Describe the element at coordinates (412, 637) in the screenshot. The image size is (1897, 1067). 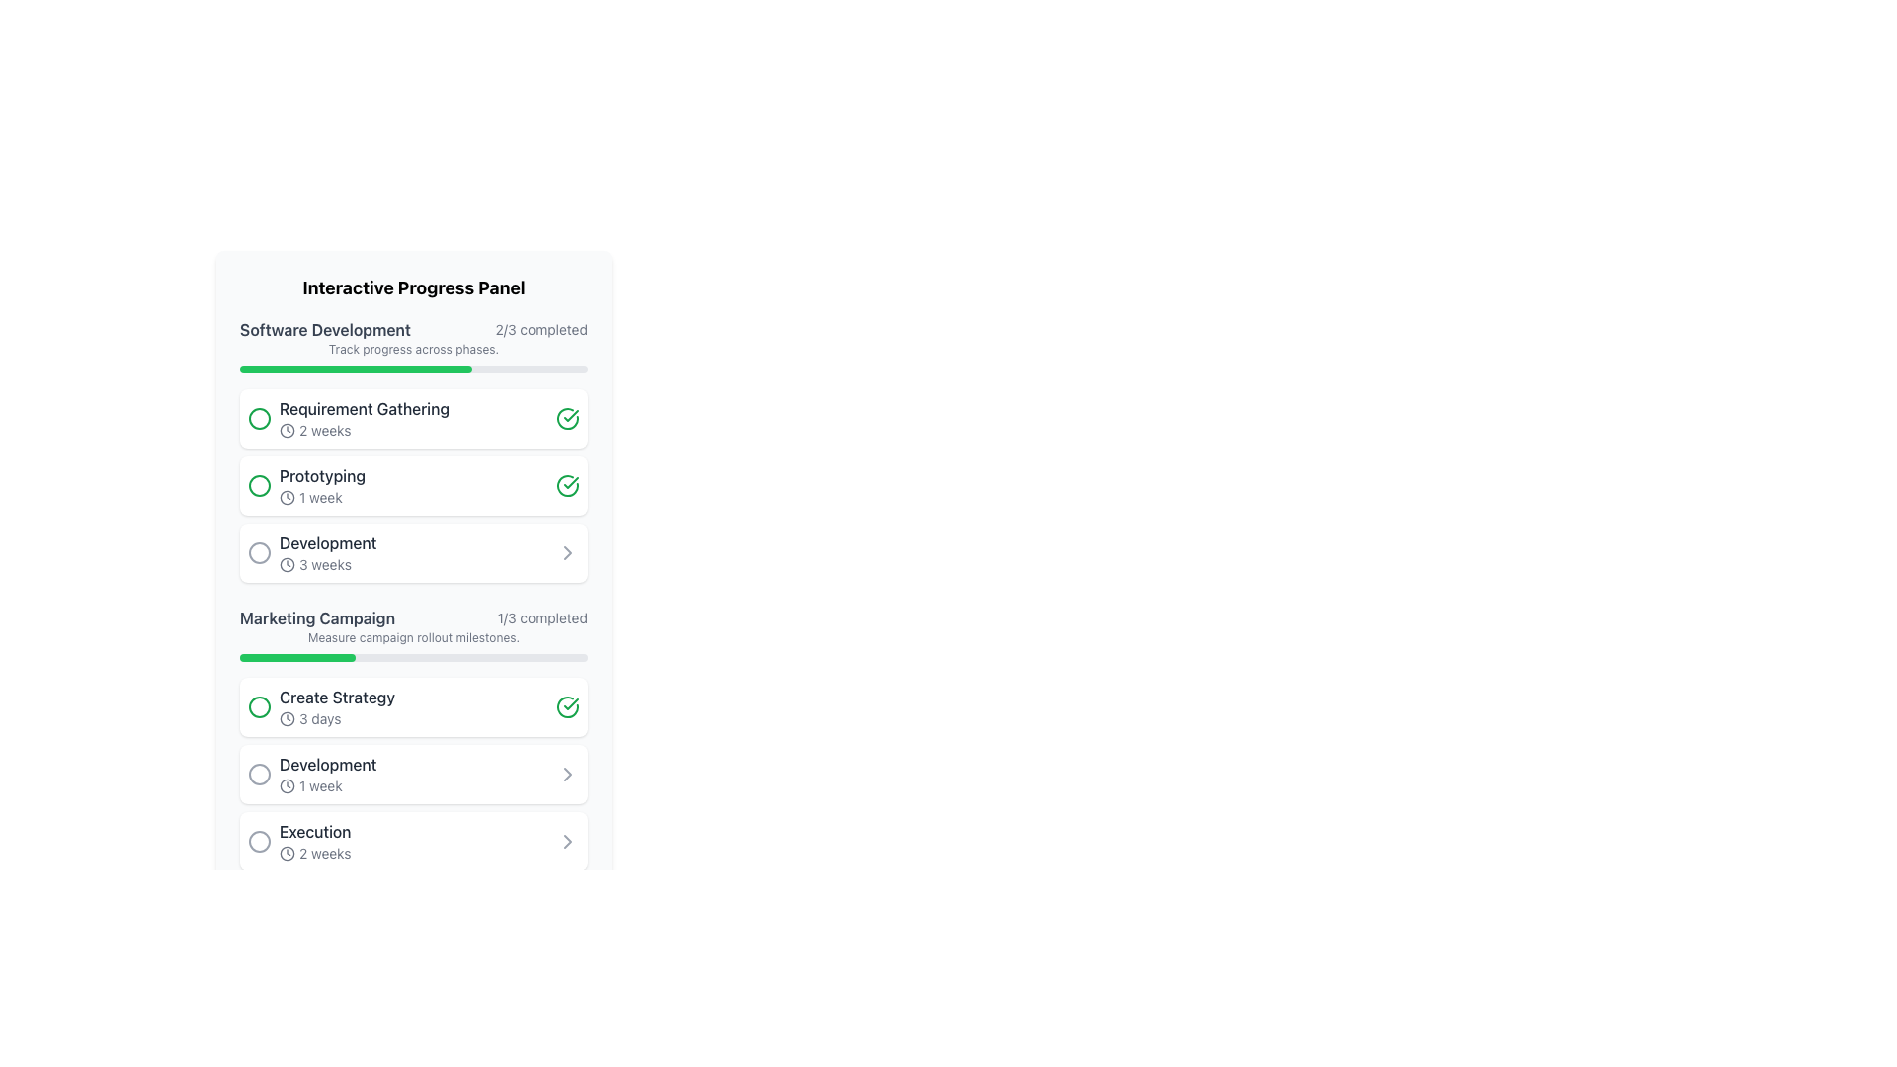
I see `the text label that provides additional context about the progress indicator titled 'Marketing Campaign', which is positioned below the title and progress bar` at that location.